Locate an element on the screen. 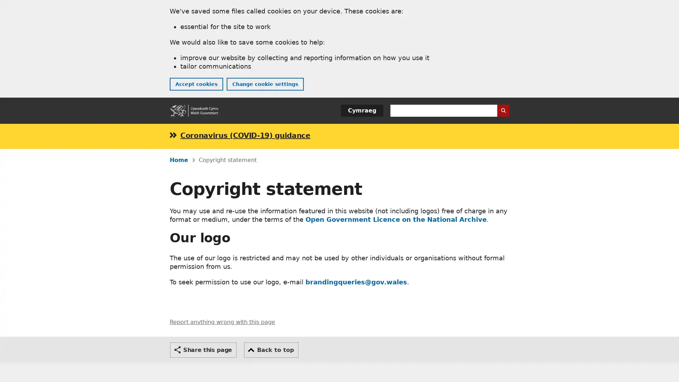 The height and width of the screenshot is (382, 679). Accept cookies is located at coordinates (196, 84).